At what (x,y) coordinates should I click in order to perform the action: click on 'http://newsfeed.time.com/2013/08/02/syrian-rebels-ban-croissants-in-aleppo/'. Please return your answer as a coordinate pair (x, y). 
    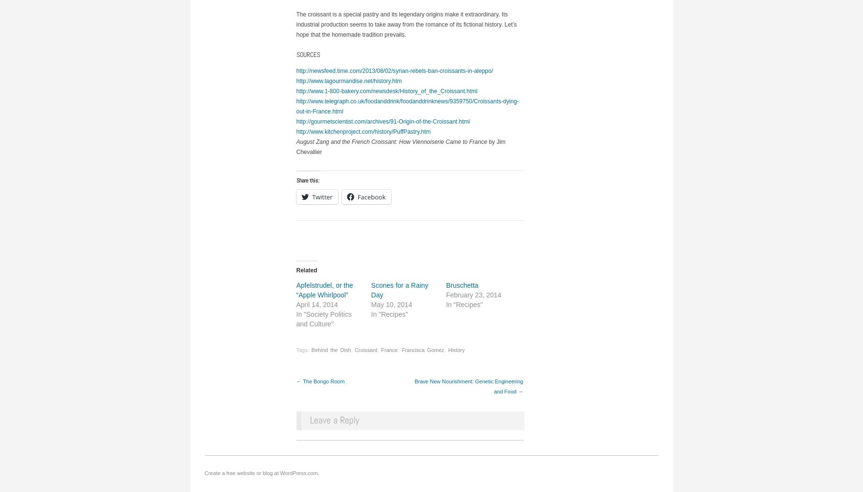
    Looking at the image, I should click on (295, 70).